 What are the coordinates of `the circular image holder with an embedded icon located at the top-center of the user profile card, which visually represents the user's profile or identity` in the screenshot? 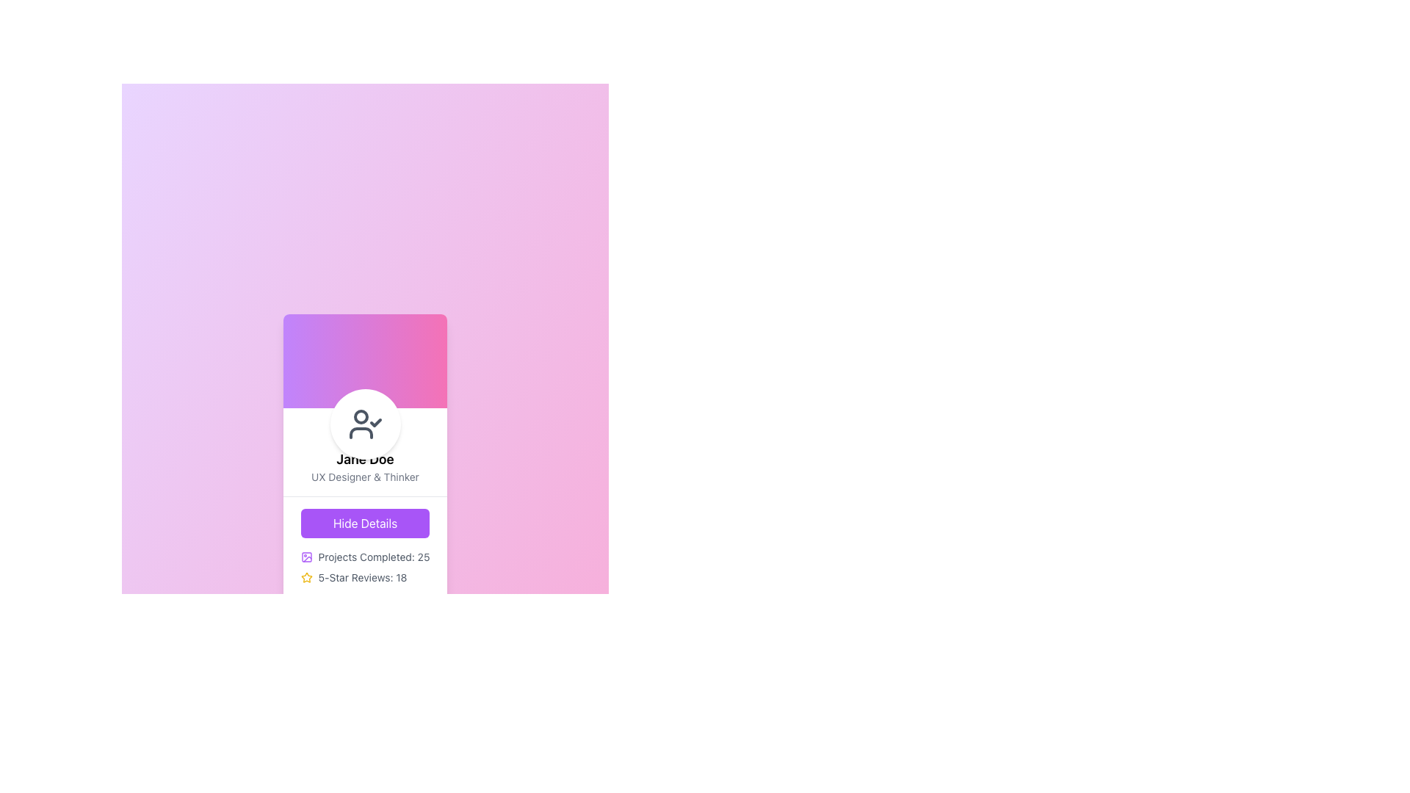 It's located at (365, 424).